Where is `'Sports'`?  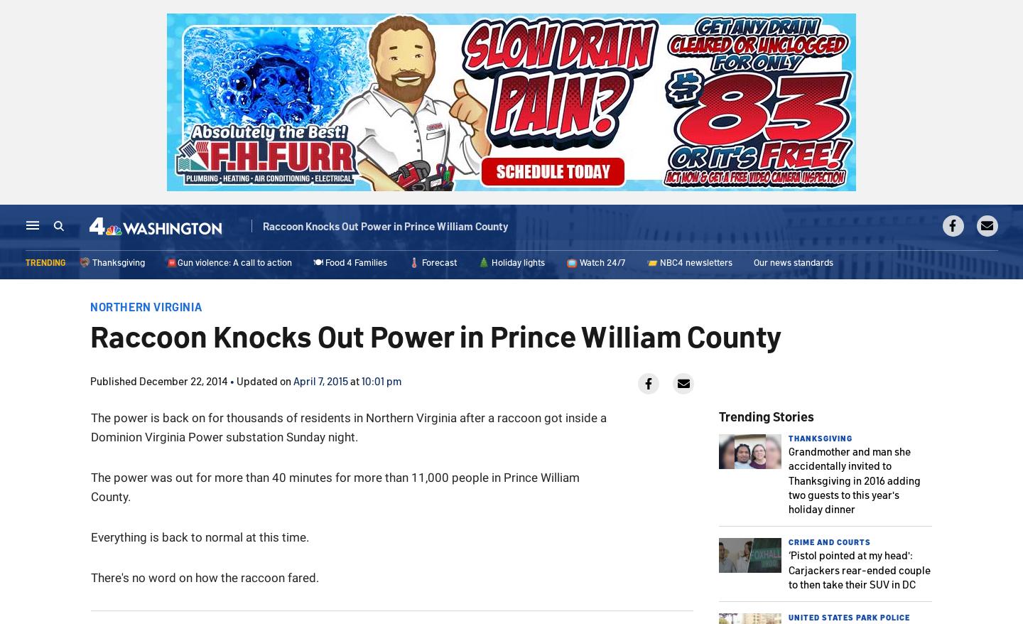
'Sports' is located at coordinates (621, 229).